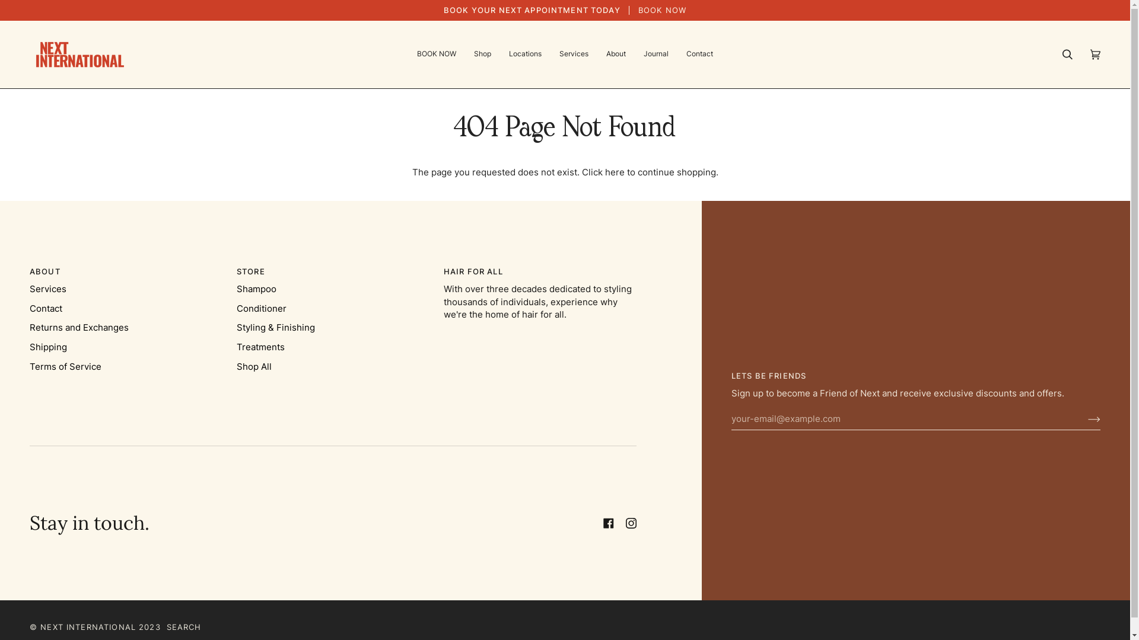 The image size is (1139, 640). What do you see at coordinates (47, 347) in the screenshot?
I see `'Shipping'` at bounding box center [47, 347].